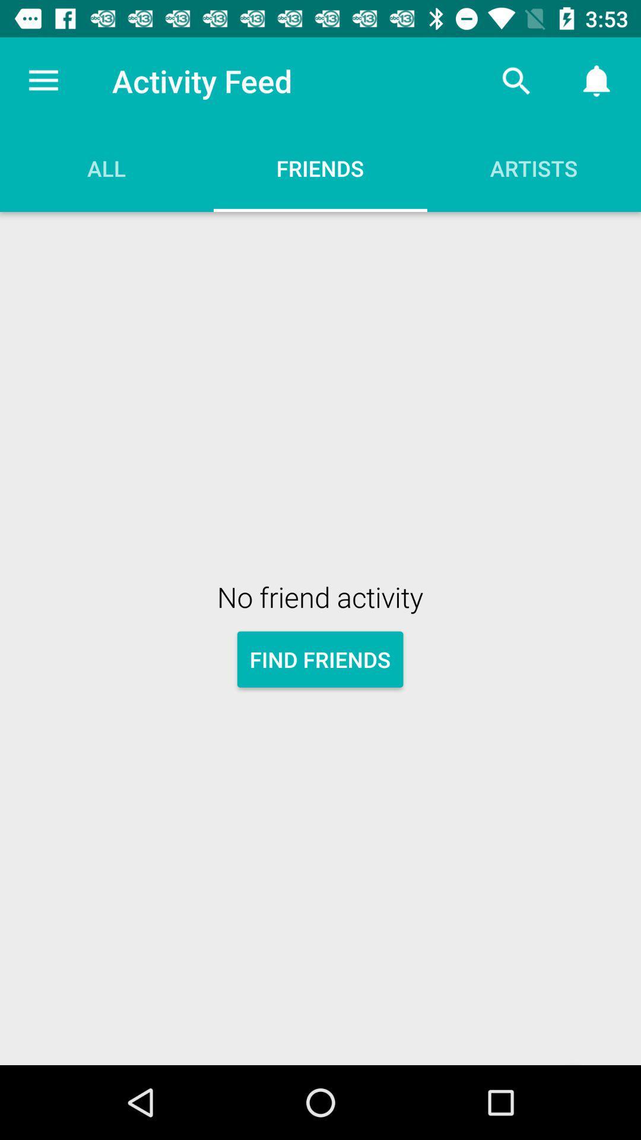 This screenshot has width=641, height=1140. I want to click on icon to the left of activity feed item, so click(43, 80).